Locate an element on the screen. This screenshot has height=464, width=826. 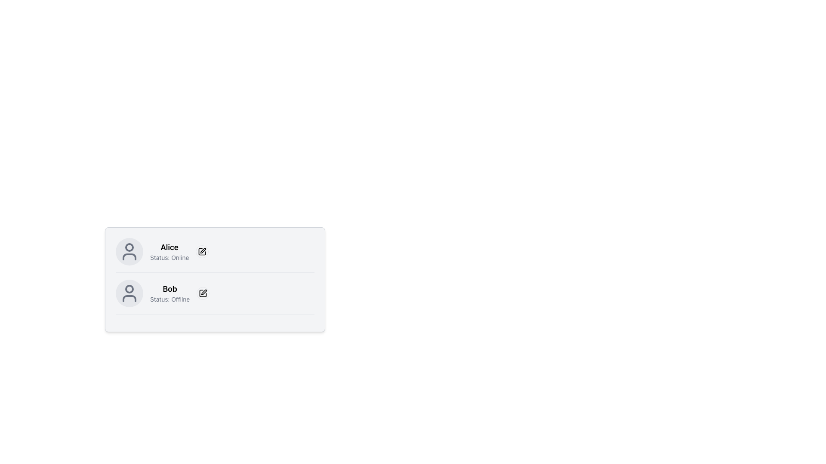
circular user avatar icon with a gray background and outline of a person, located to the left of the text 'Alice' is located at coordinates (129, 251).